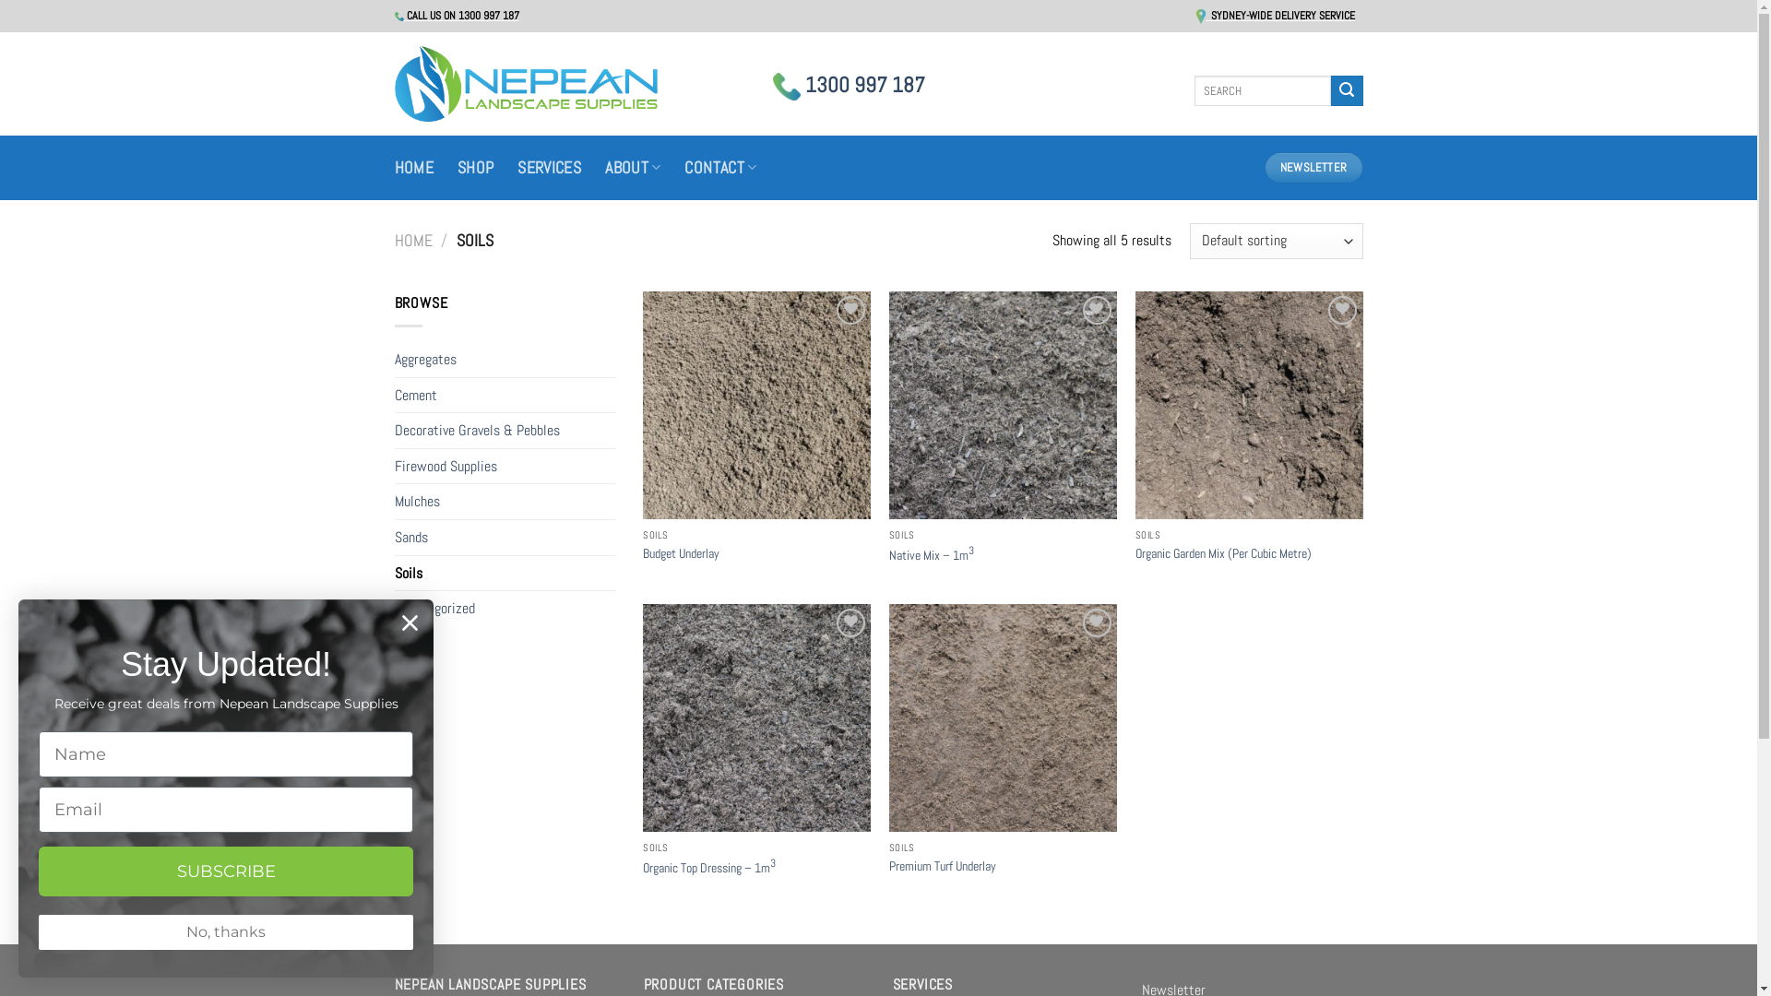 This screenshot has height=996, width=1771. Describe the element at coordinates (393, 537) in the screenshot. I see `'Sands'` at that location.